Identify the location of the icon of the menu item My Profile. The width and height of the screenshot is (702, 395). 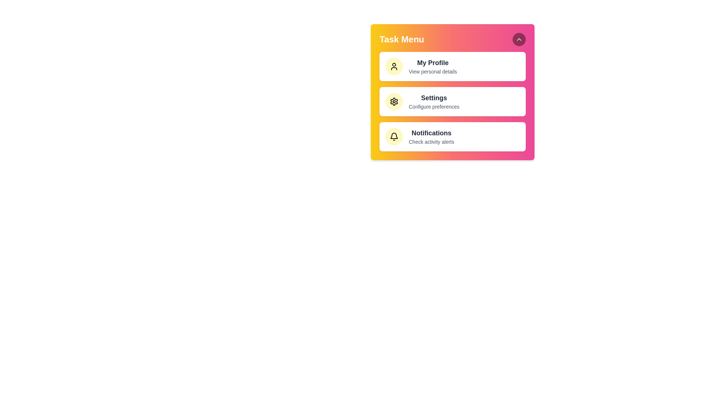
(394, 66).